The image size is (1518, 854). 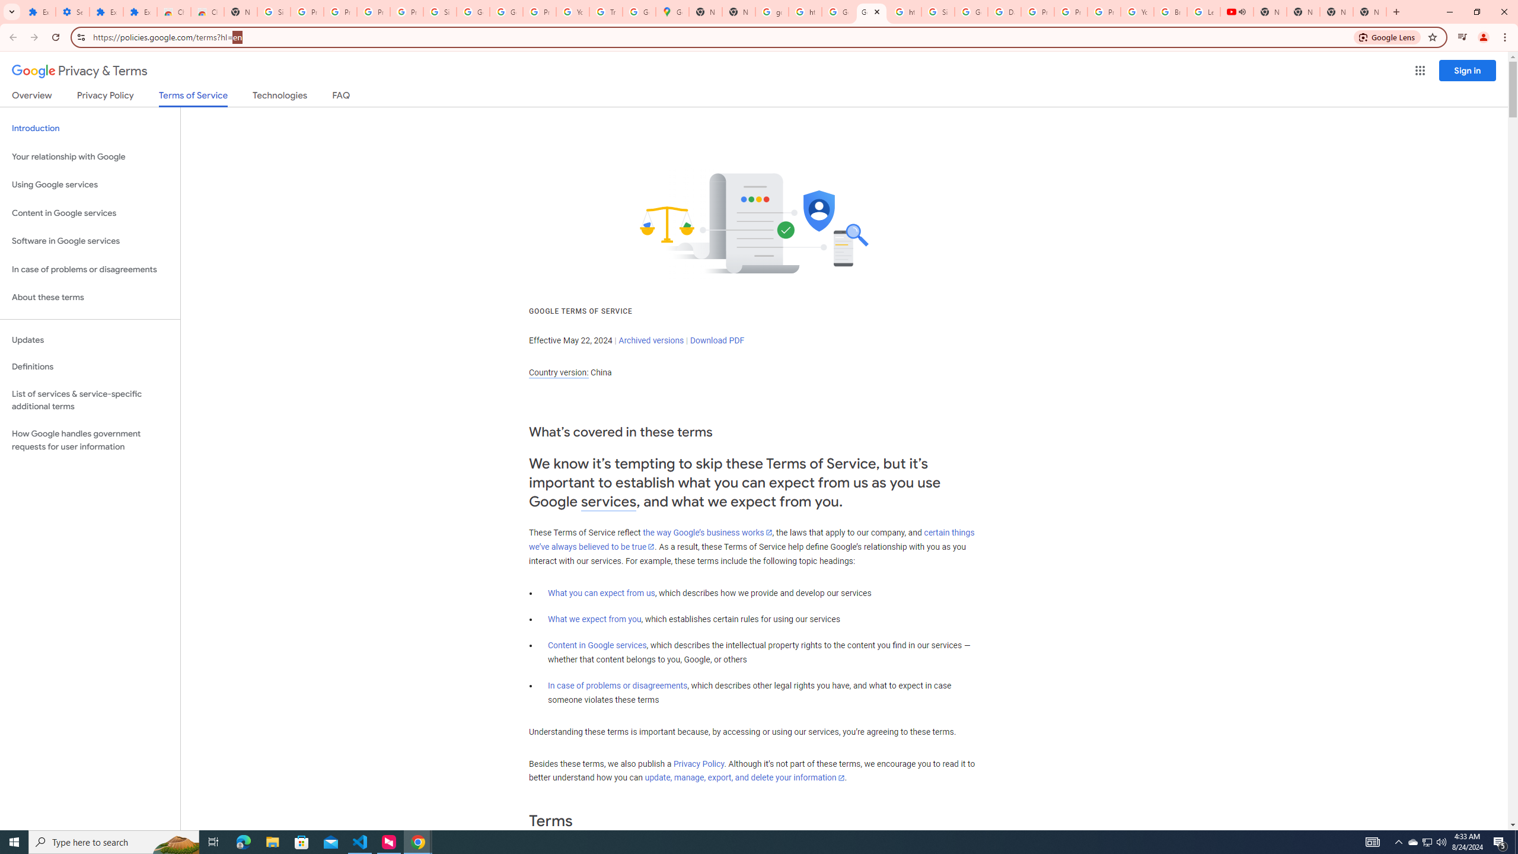 I want to click on 'Extensions', so click(x=140, y=11).